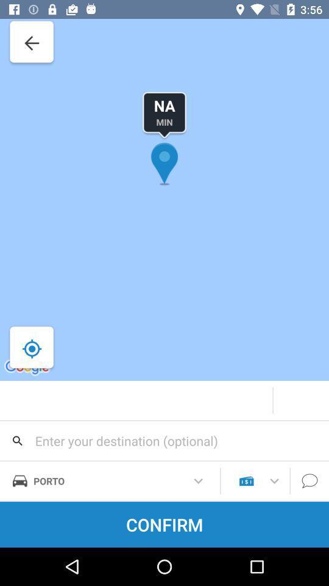 The width and height of the screenshot is (329, 586). Describe the element at coordinates (310, 481) in the screenshot. I see `messaging` at that location.